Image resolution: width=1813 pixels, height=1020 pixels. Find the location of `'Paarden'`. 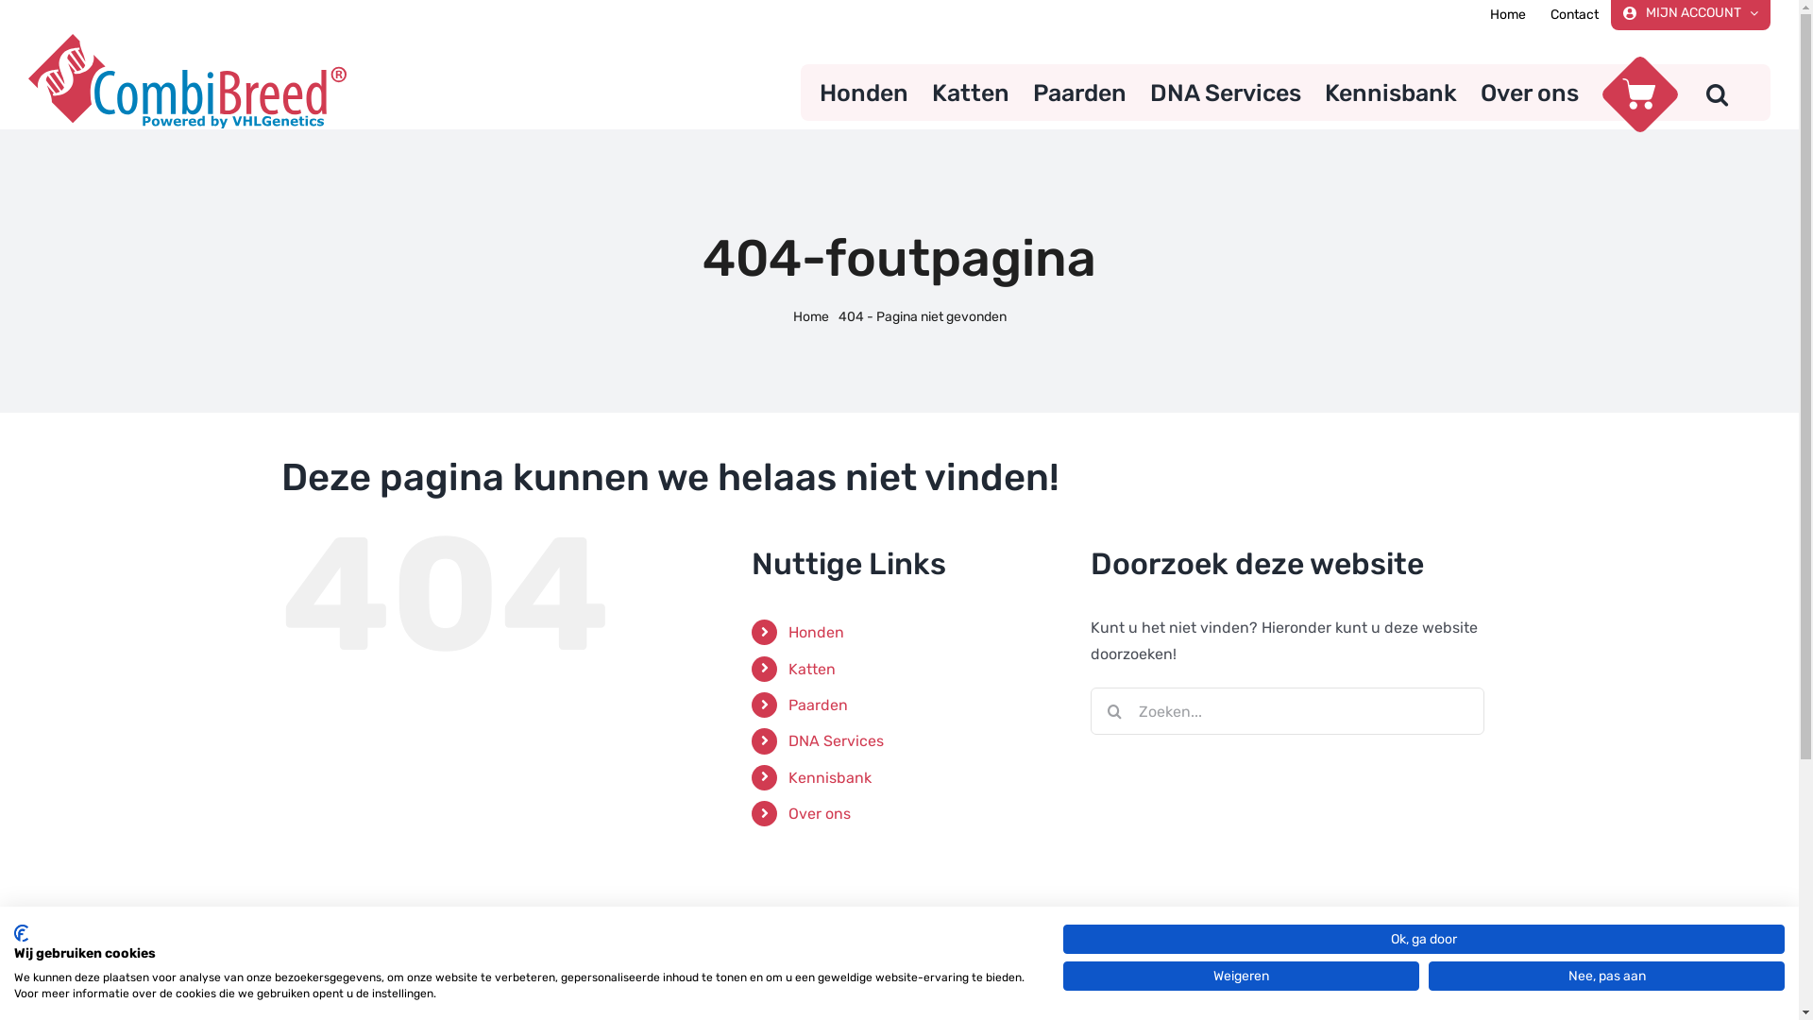

'Paarden' is located at coordinates (788, 705).